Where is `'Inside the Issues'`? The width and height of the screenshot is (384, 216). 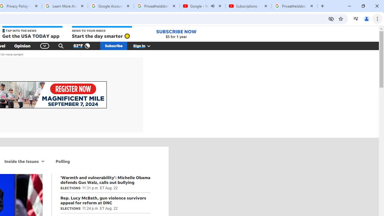
'Inside the Issues' is located at coordinates (21, 161).